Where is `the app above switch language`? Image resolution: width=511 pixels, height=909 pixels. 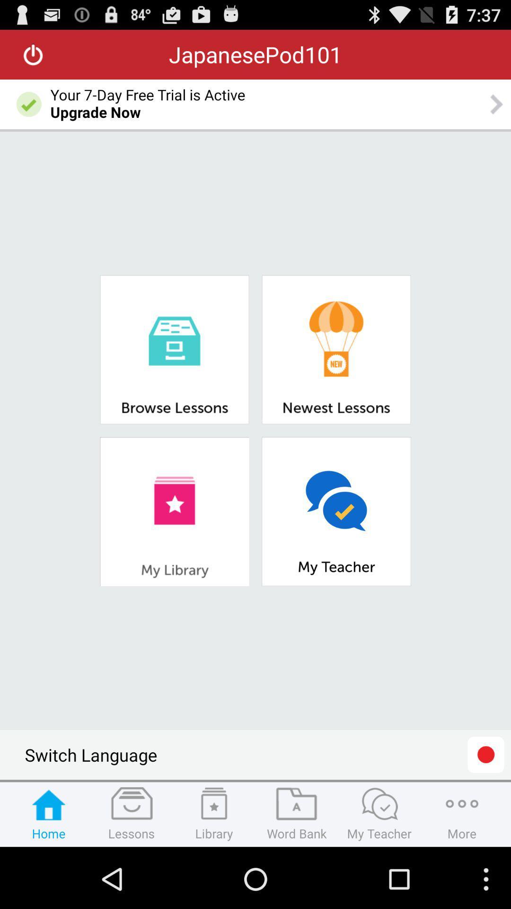
the app above switch language is located at coordinates (175, 511).